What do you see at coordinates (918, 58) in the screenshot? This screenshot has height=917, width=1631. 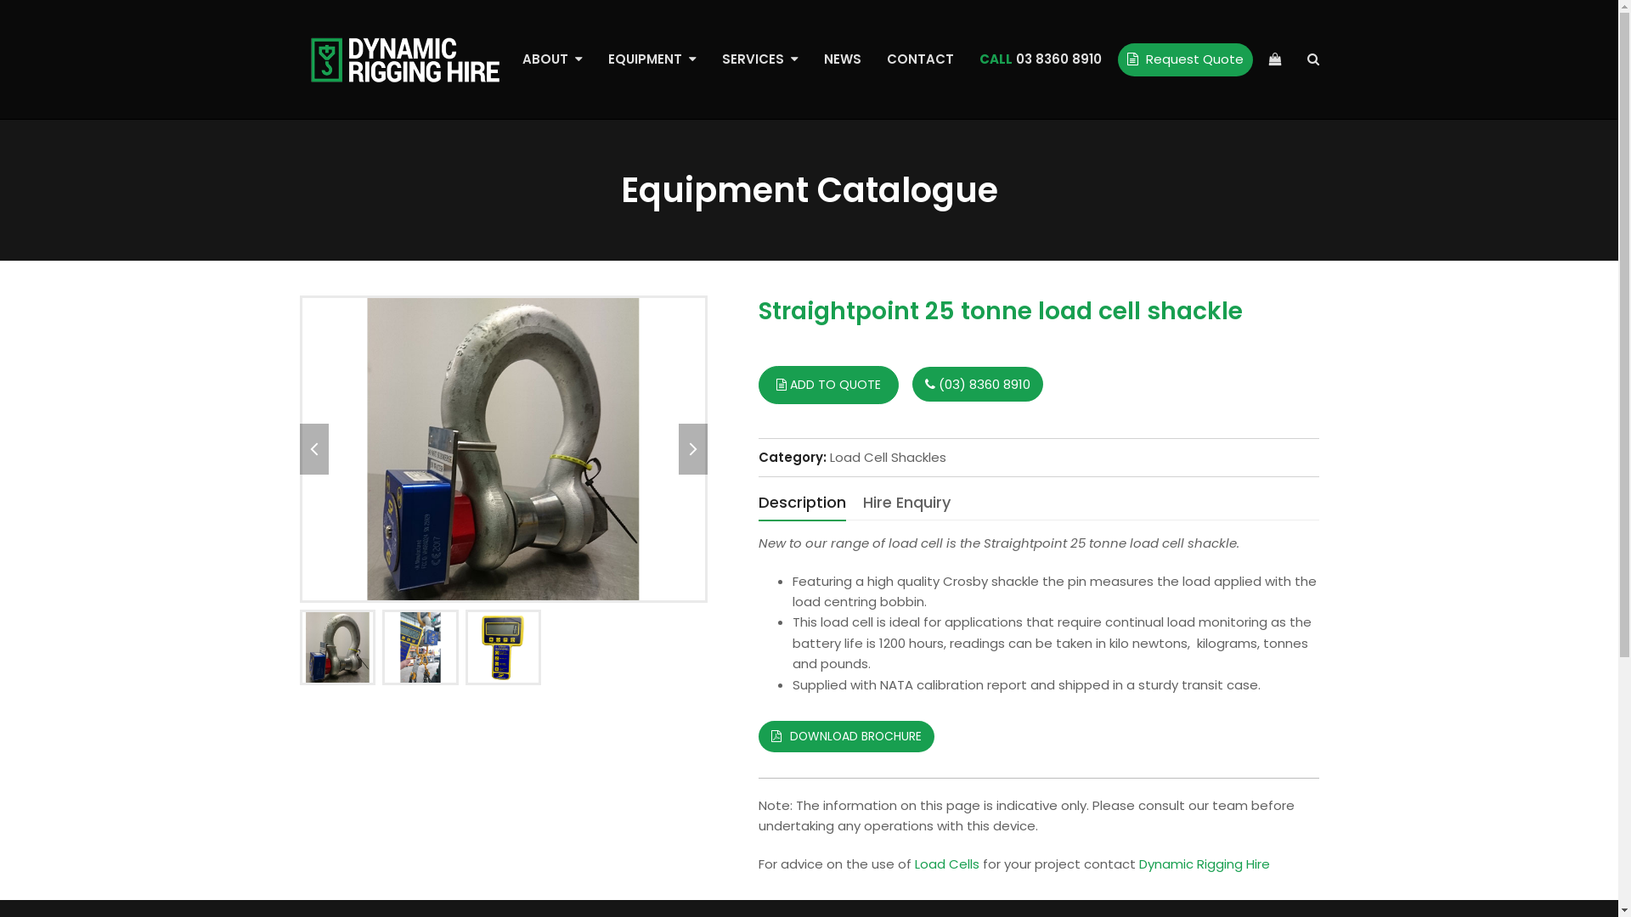 I see `'CONTACT'` at bounding box center [918, 58].